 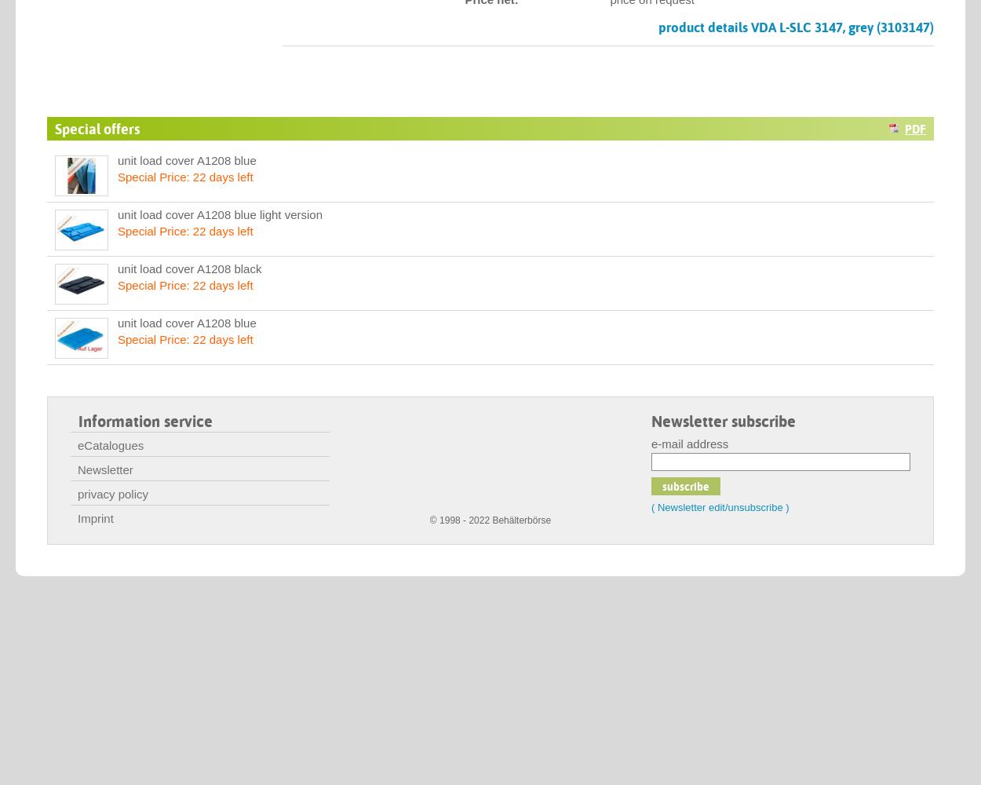 I want to click on '© 1998 - 2022 Behälterbörse', so click(x=489, y=520).